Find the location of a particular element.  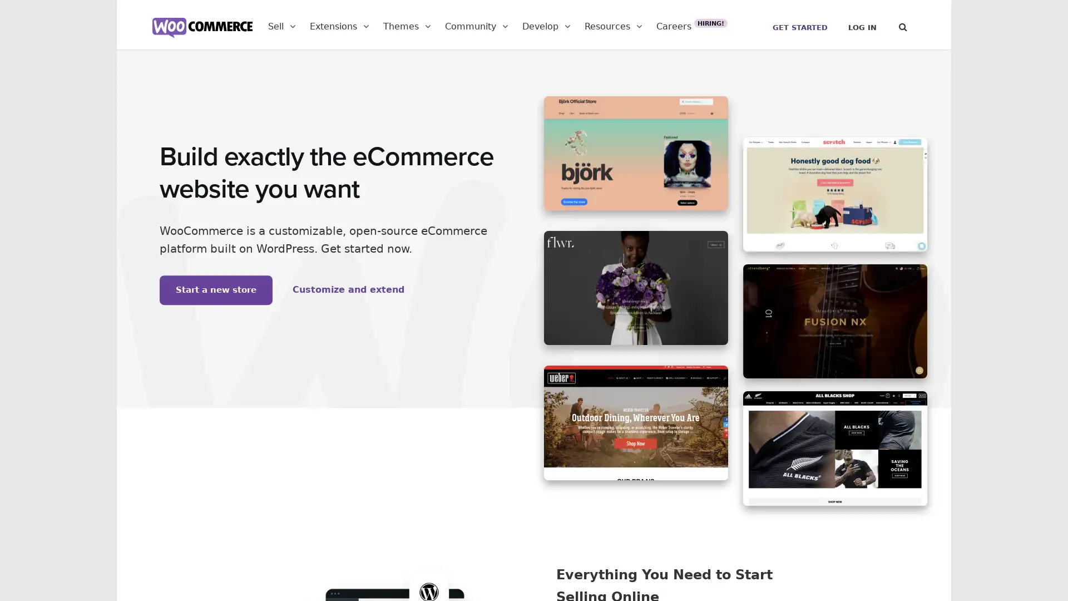

Search is located at coordinates (903, 27).